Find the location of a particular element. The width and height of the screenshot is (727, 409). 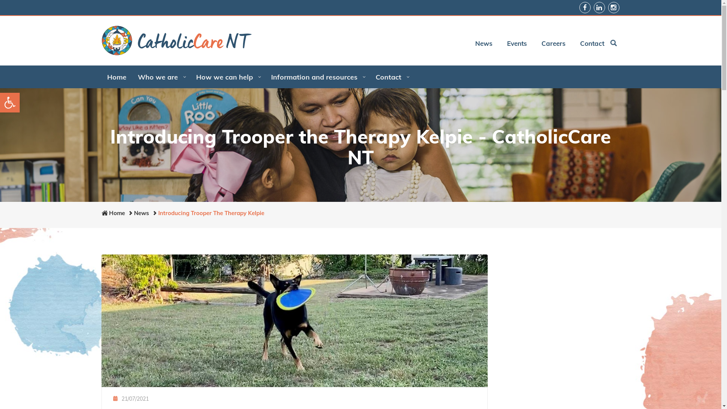

'News' is located at coordinates (142, 213).